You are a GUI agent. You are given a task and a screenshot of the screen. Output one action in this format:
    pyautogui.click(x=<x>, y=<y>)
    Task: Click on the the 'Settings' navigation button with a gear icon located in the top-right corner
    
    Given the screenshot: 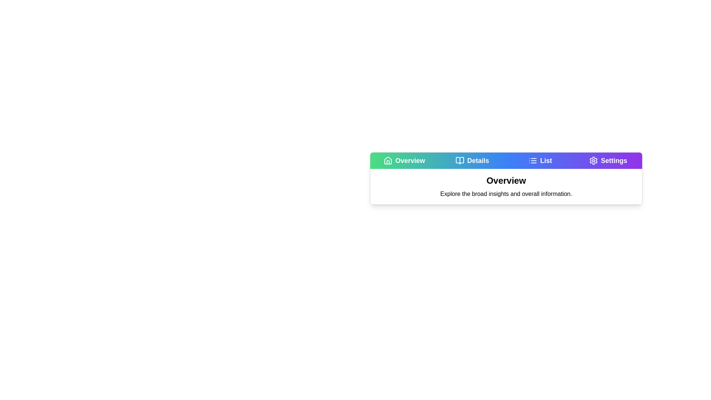 What is the action you would take?
    pyautogui.click(x=608, y=160)
    